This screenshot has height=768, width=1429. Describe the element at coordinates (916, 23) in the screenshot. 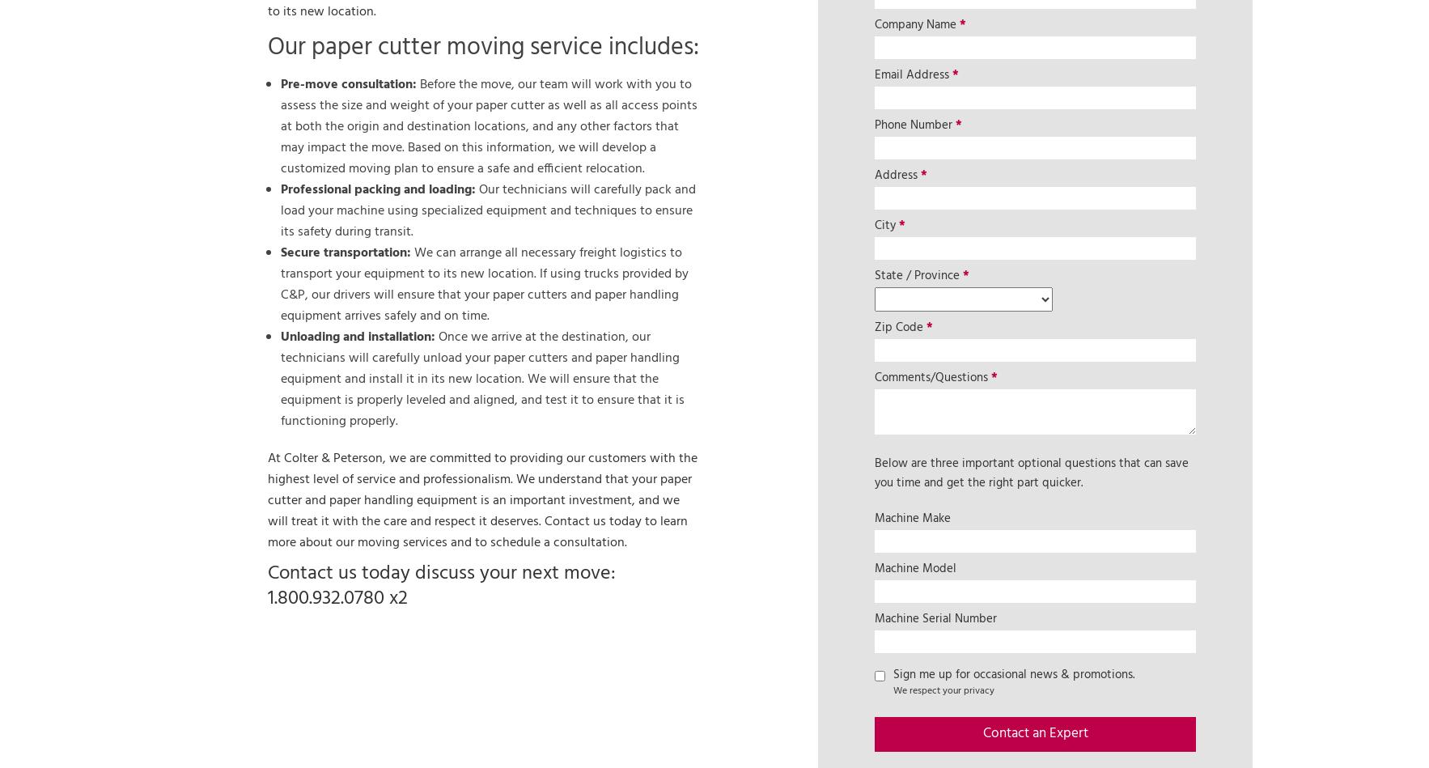

I see `'Company Name'` at that location.